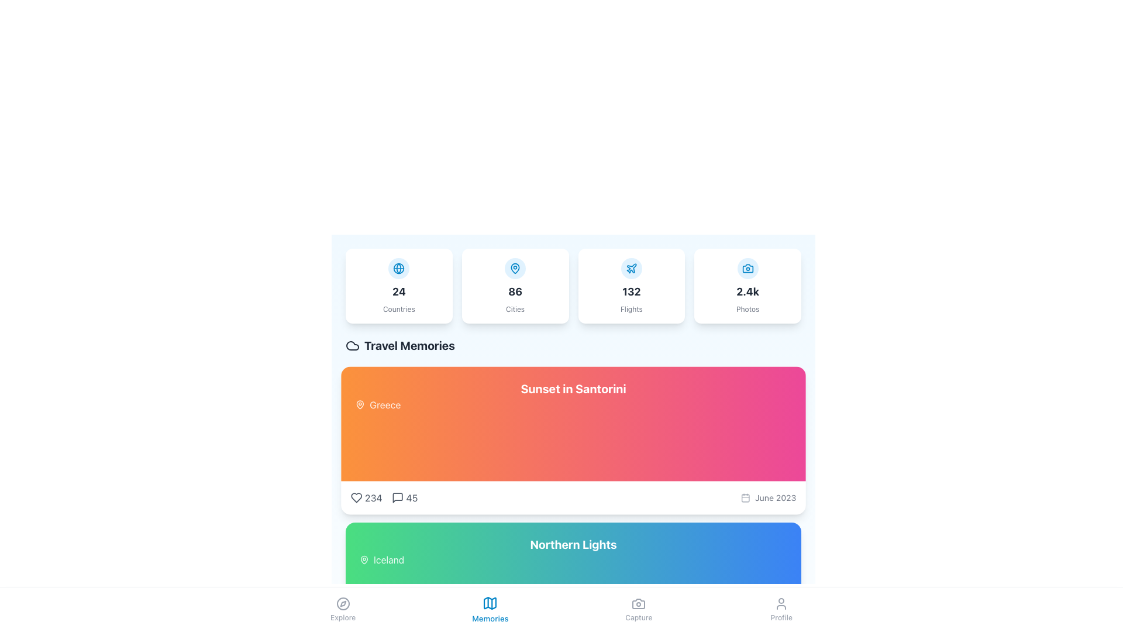 This screenshot has height=632, width=1123. Describe the element at coordinates (744, 498) in the screenshot. I see `the decorative graphic component of the calendar icon located to the right of the 'Sunset in Santorini' section` at that location.